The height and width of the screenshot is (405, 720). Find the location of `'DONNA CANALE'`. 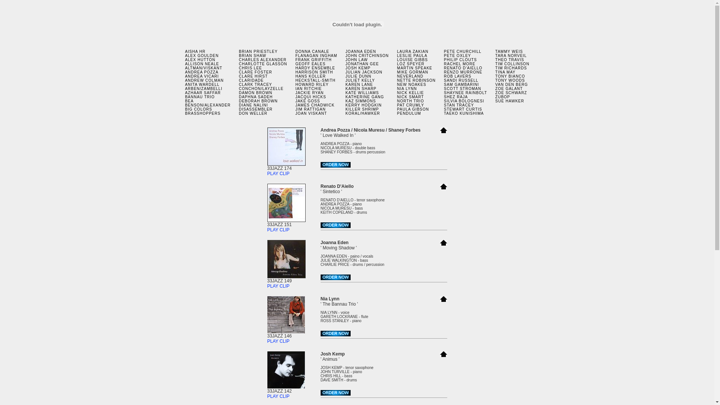

'DONNA CANALE' is located at coordinates (312, 51).